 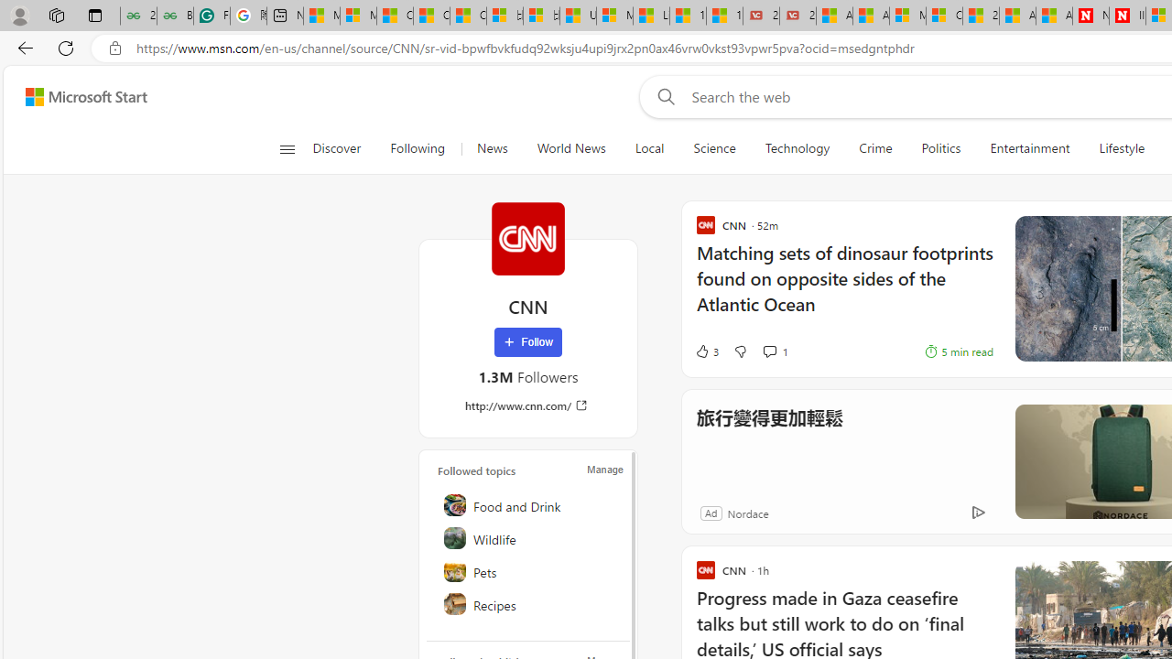 I want to click on 'Local', so click(x=649, y=148).